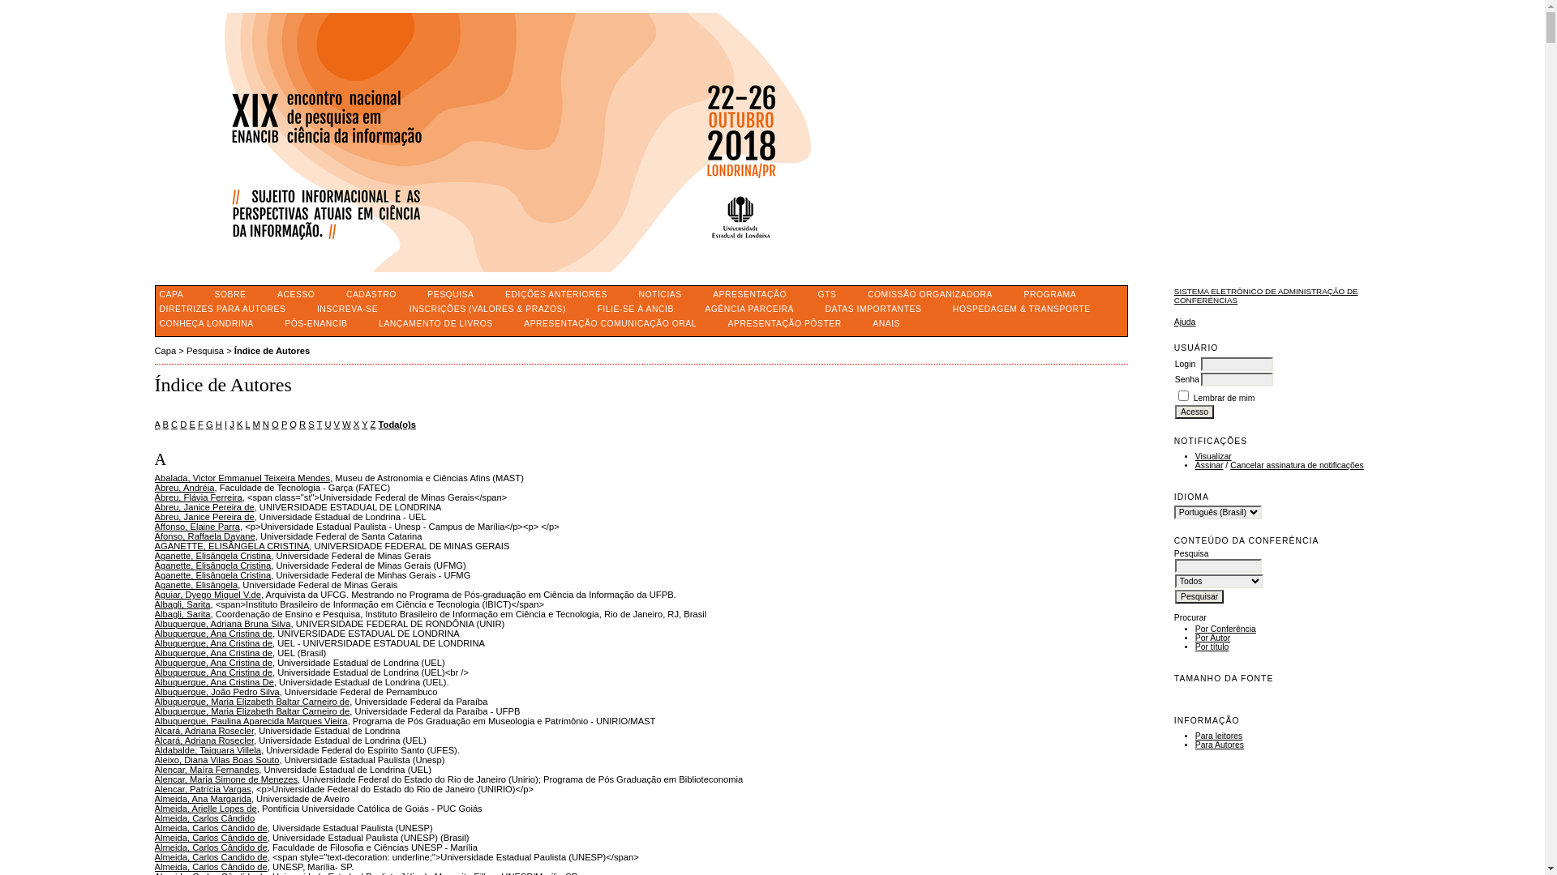 The height and width of the screenshot is (875, 1557). Describe the element at coordinates (370, 294) in the screenshot. I see `'CADASTRO'` at that location.